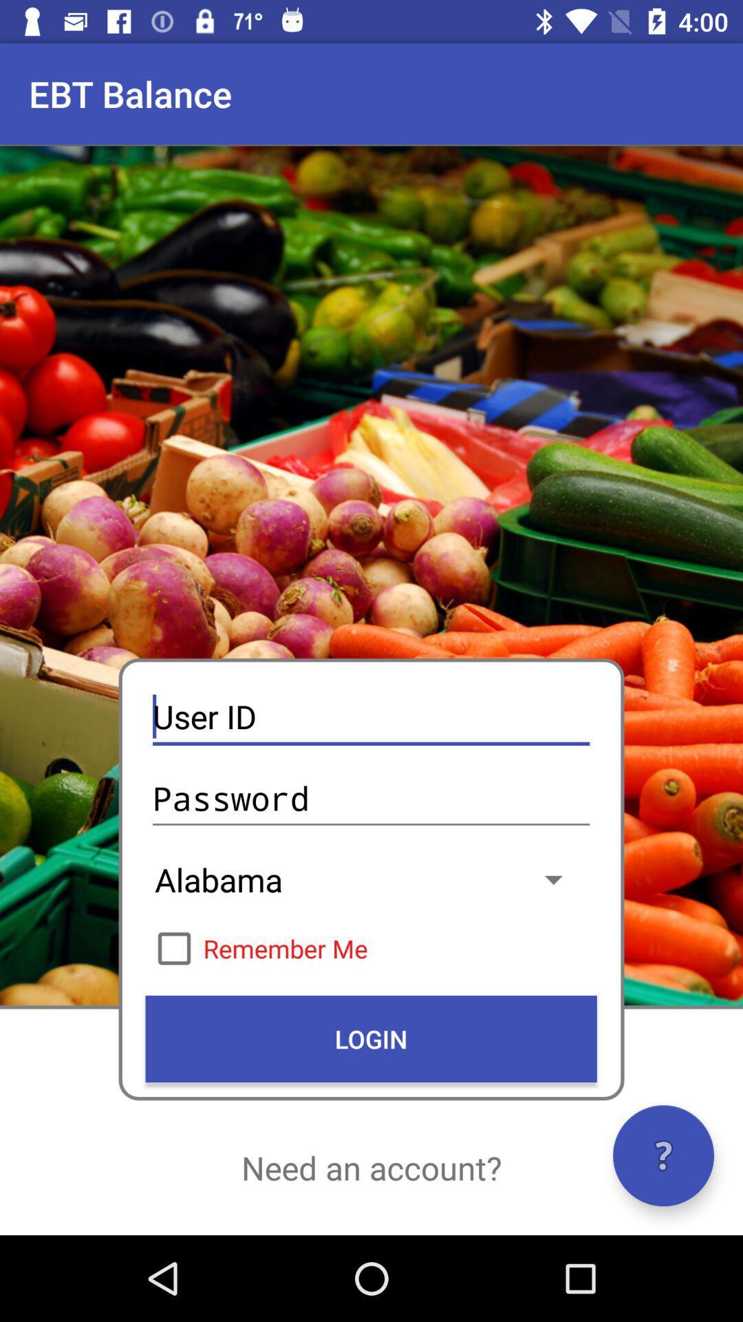 The image size is (743, 1322). I want to click on the remember me icon, so click(370, 947).